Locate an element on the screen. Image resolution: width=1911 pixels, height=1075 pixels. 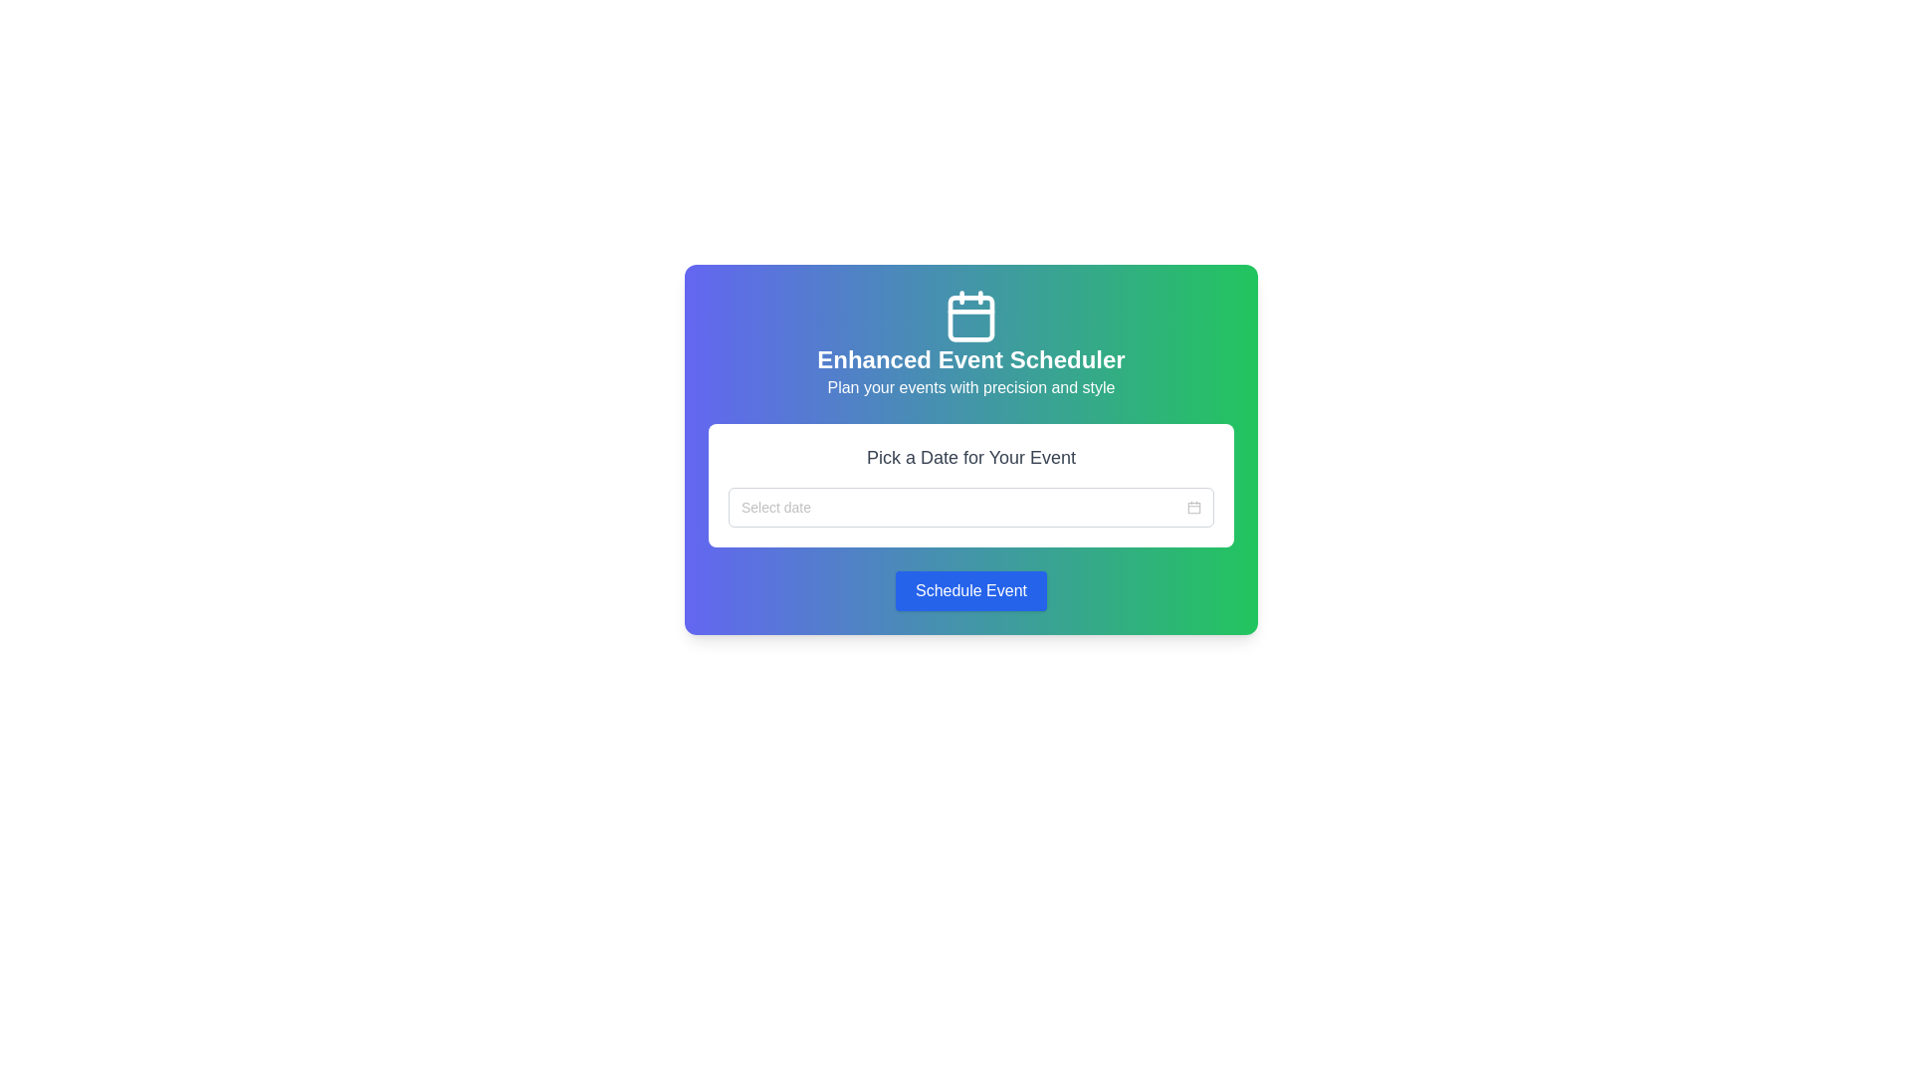
the text element reading 'Plan your events with precision and style', which is centrally aligned below the header 'Enhanced Event Scheduler' is located at coordinates (970, 387).